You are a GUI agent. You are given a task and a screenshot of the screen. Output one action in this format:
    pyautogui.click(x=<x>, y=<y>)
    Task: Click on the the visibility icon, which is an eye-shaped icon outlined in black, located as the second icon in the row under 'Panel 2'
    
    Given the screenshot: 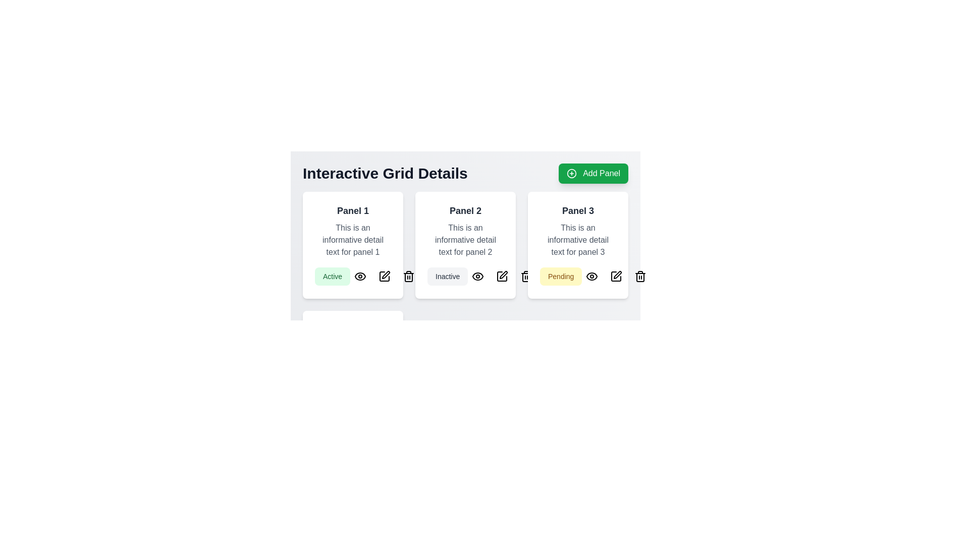 What is the action you would take?
    pyautogui.click(x=477, y=276)
    